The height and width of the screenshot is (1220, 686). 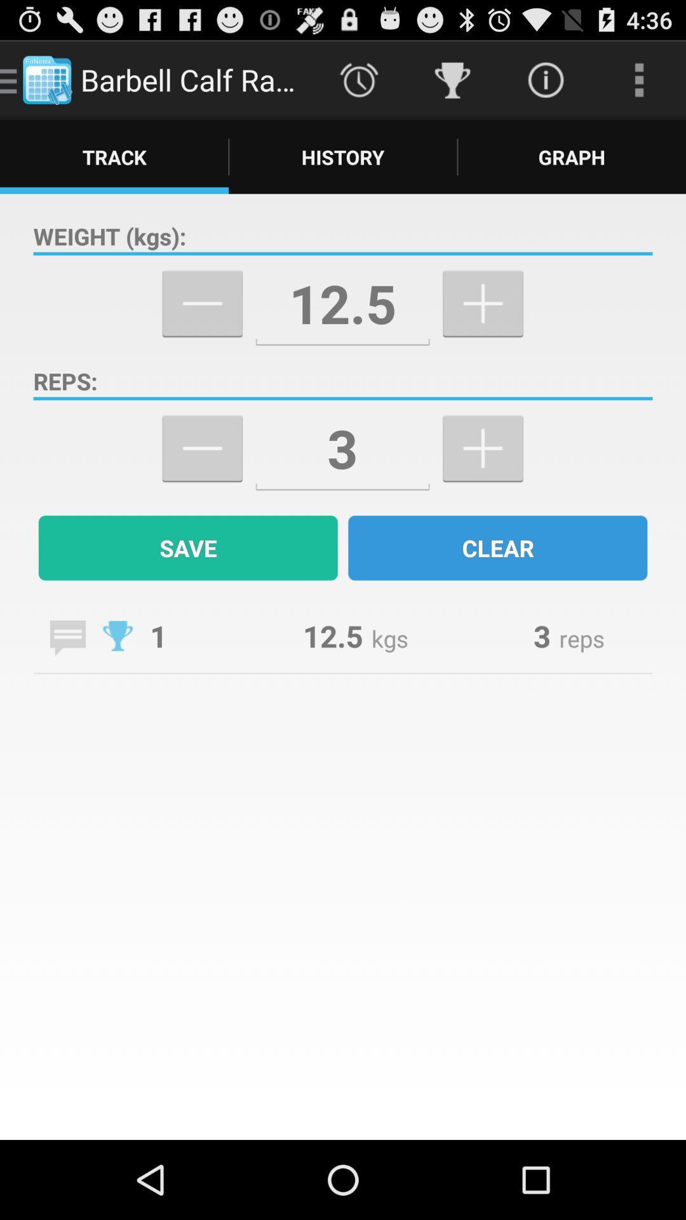 What do you see at coordinates (118, 635) in the screenshot?
I see `open trophies` at bounding box center [118, 635].